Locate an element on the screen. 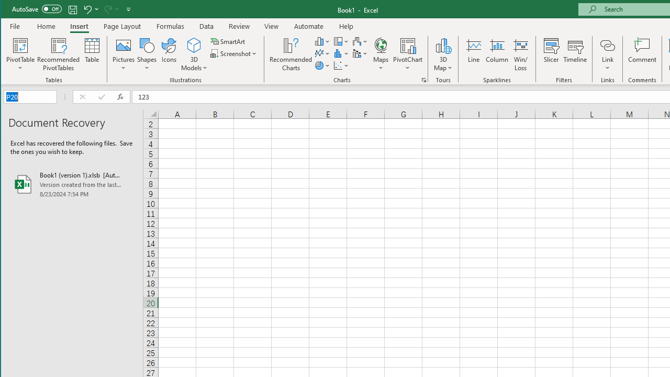 The image size is (670, 377). 'Insert Waterfall, Funnel, Stock, Surface, or Radar Chart' is located at coordinates (360, 41).